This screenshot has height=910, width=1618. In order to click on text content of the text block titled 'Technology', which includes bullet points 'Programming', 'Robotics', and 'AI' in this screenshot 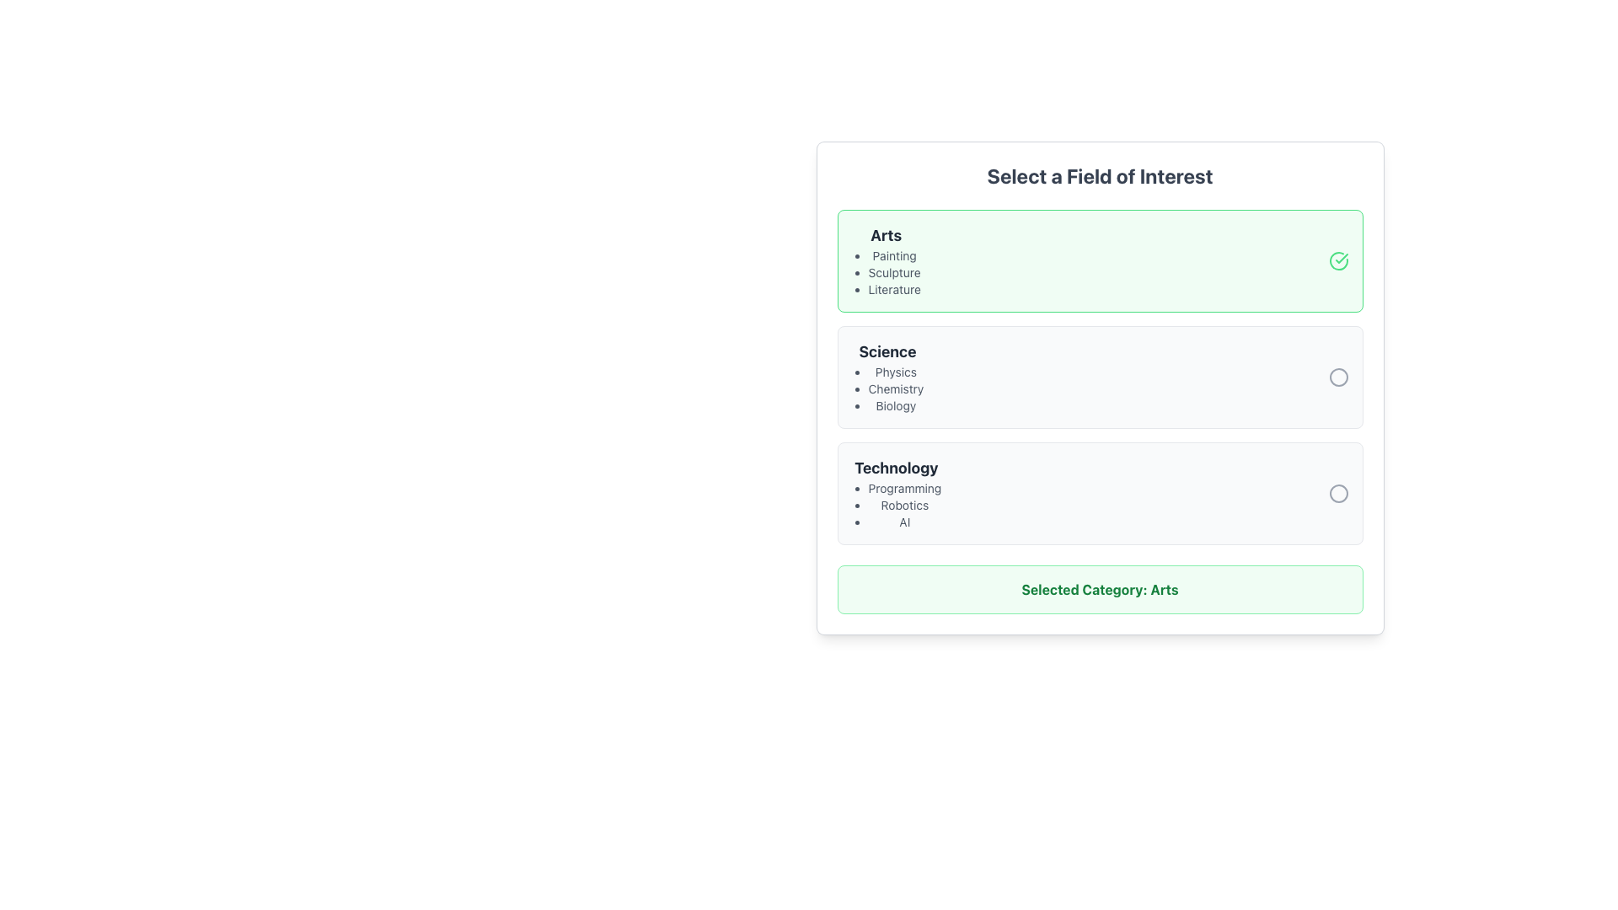, I will do `click(895, 493)`.